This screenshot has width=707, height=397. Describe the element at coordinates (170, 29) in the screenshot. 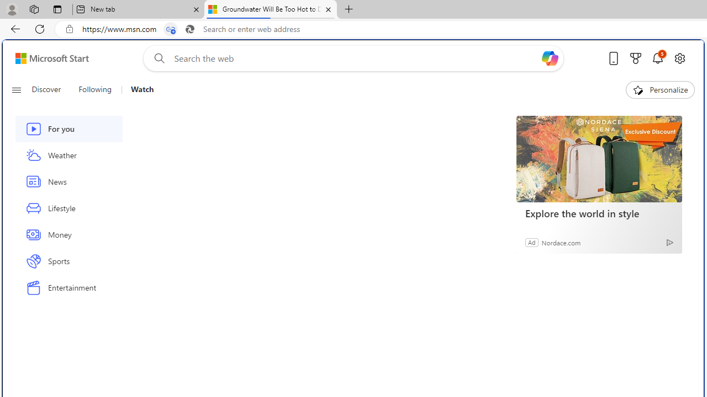

I see `'Tabs in split screen'` at that location.